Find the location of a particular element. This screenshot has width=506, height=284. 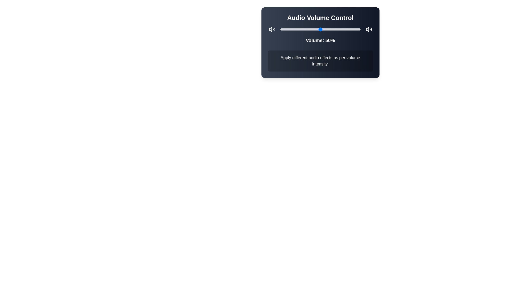

the volume slider to set the volume to 78% is located at coordinates (343, 29).